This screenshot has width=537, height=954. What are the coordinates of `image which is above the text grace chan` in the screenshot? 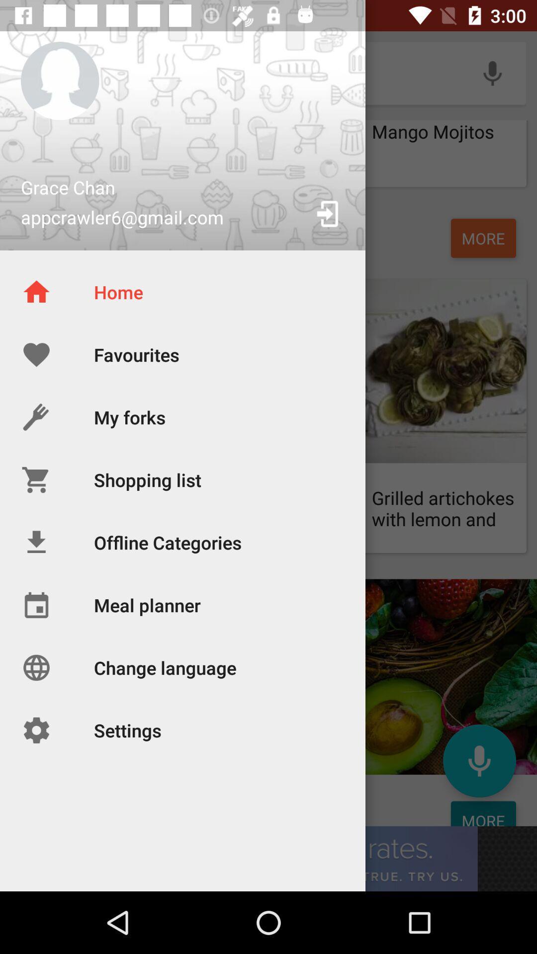 It's located at (60, 81).